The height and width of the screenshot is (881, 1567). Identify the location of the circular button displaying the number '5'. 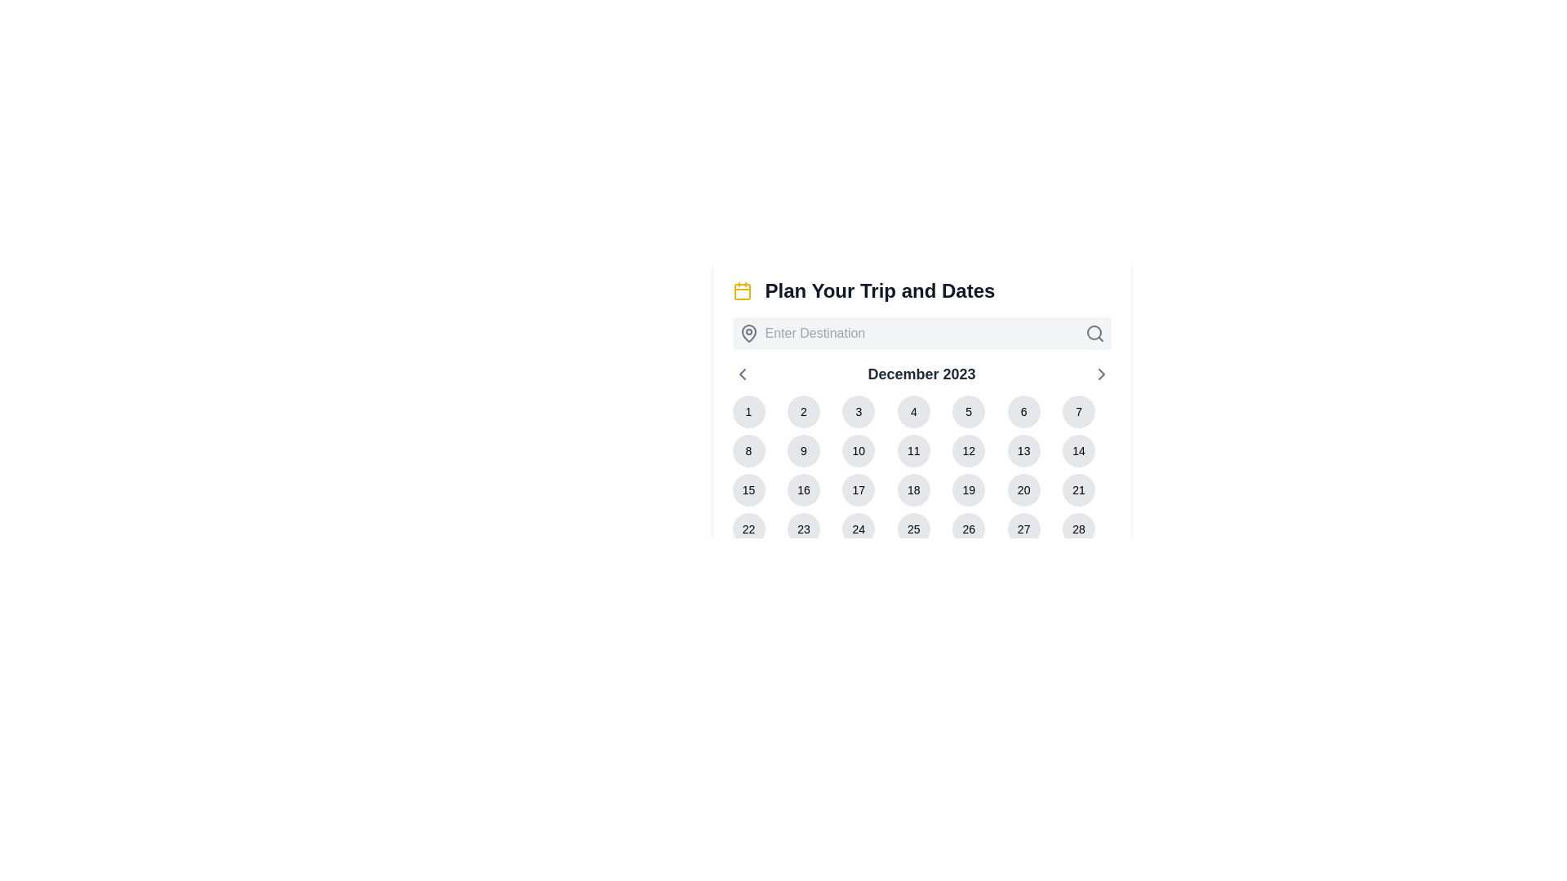
(969, 411).